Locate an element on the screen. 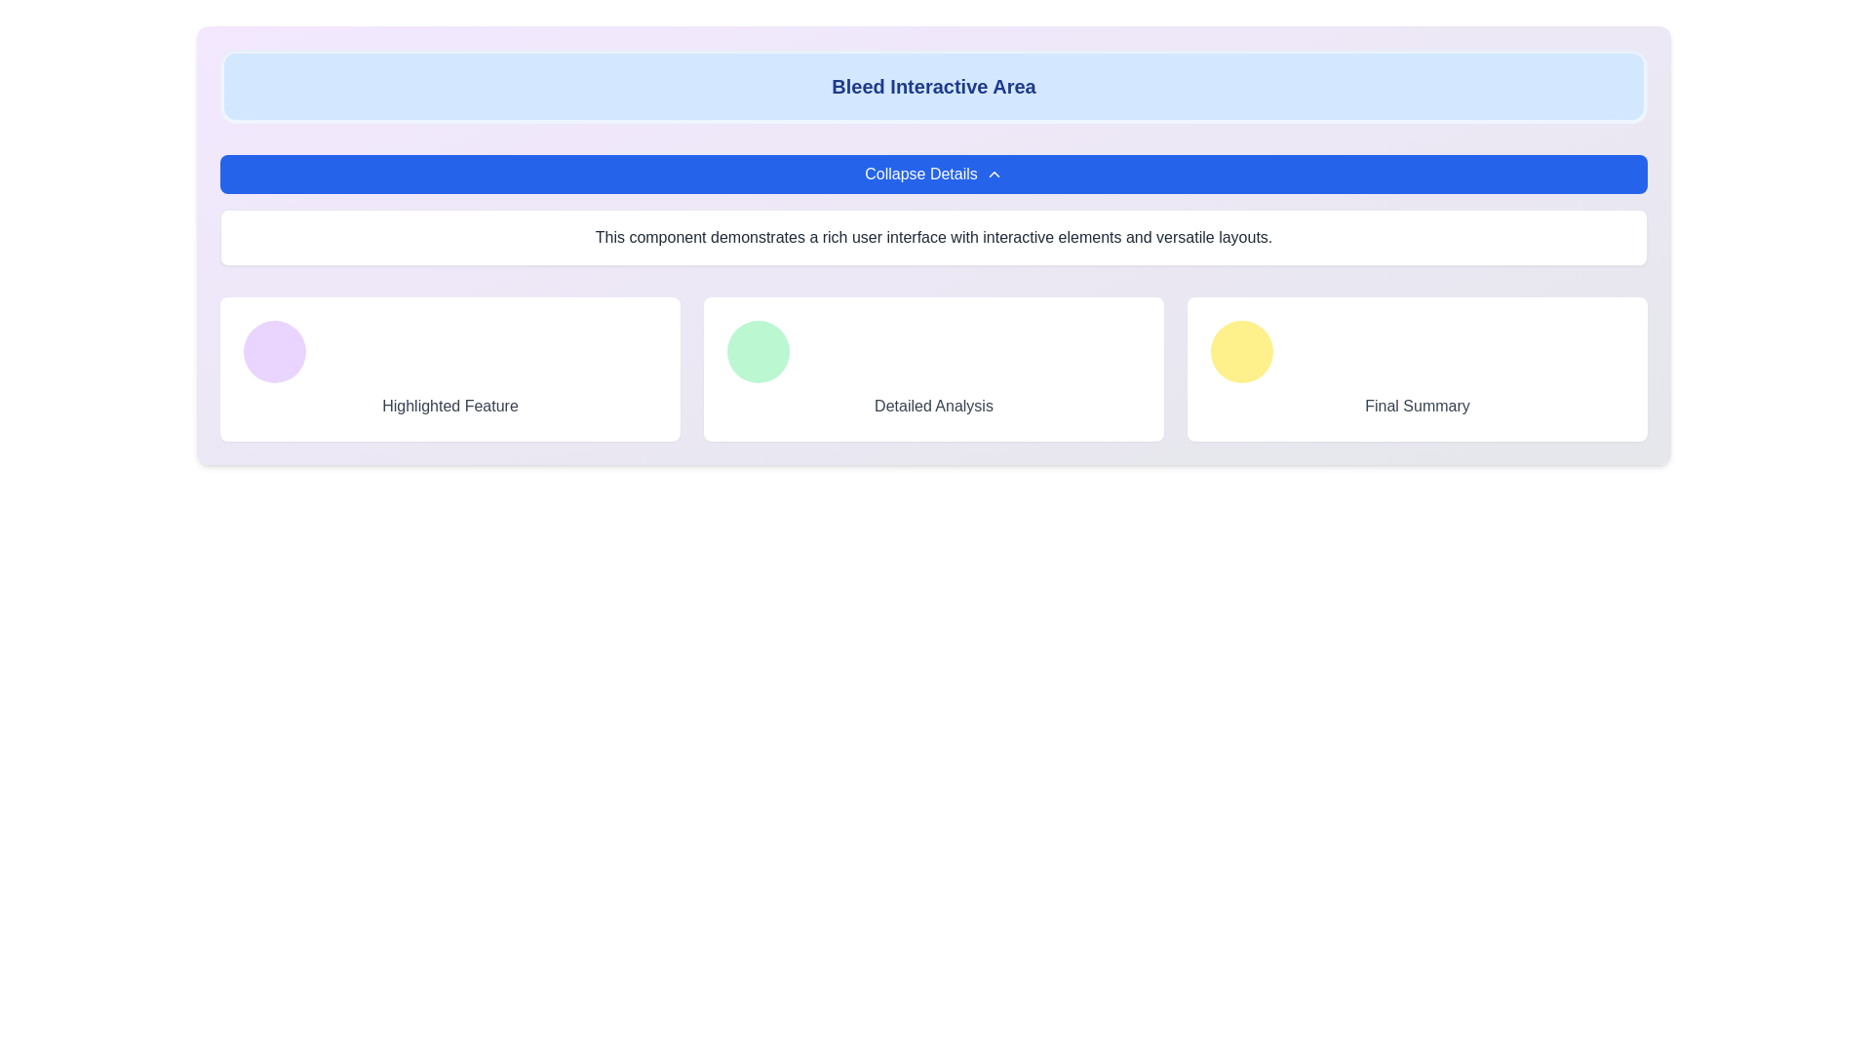 Image resolution: width=1872 pixels, height=1053 pixels. the text label displaying 'Detailed Analysis', which is styled in gray font and positioned below a circular graphic with a green background is located at coordinates (933, 405).